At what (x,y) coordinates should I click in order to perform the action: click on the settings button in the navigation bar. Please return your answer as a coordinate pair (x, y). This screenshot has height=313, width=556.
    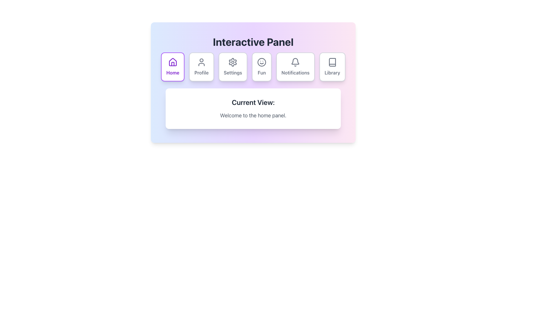
    Looking at the image, I should click on (233, 67).